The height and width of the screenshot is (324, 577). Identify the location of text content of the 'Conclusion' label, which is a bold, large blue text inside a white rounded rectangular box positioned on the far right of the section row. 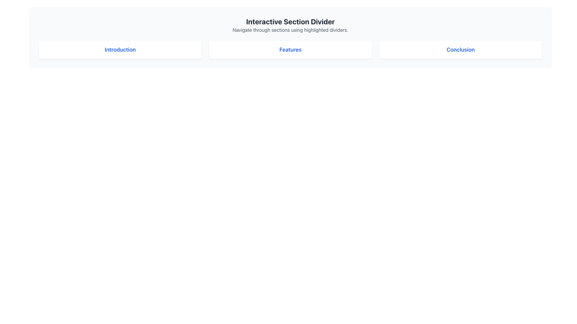
(460, 49).